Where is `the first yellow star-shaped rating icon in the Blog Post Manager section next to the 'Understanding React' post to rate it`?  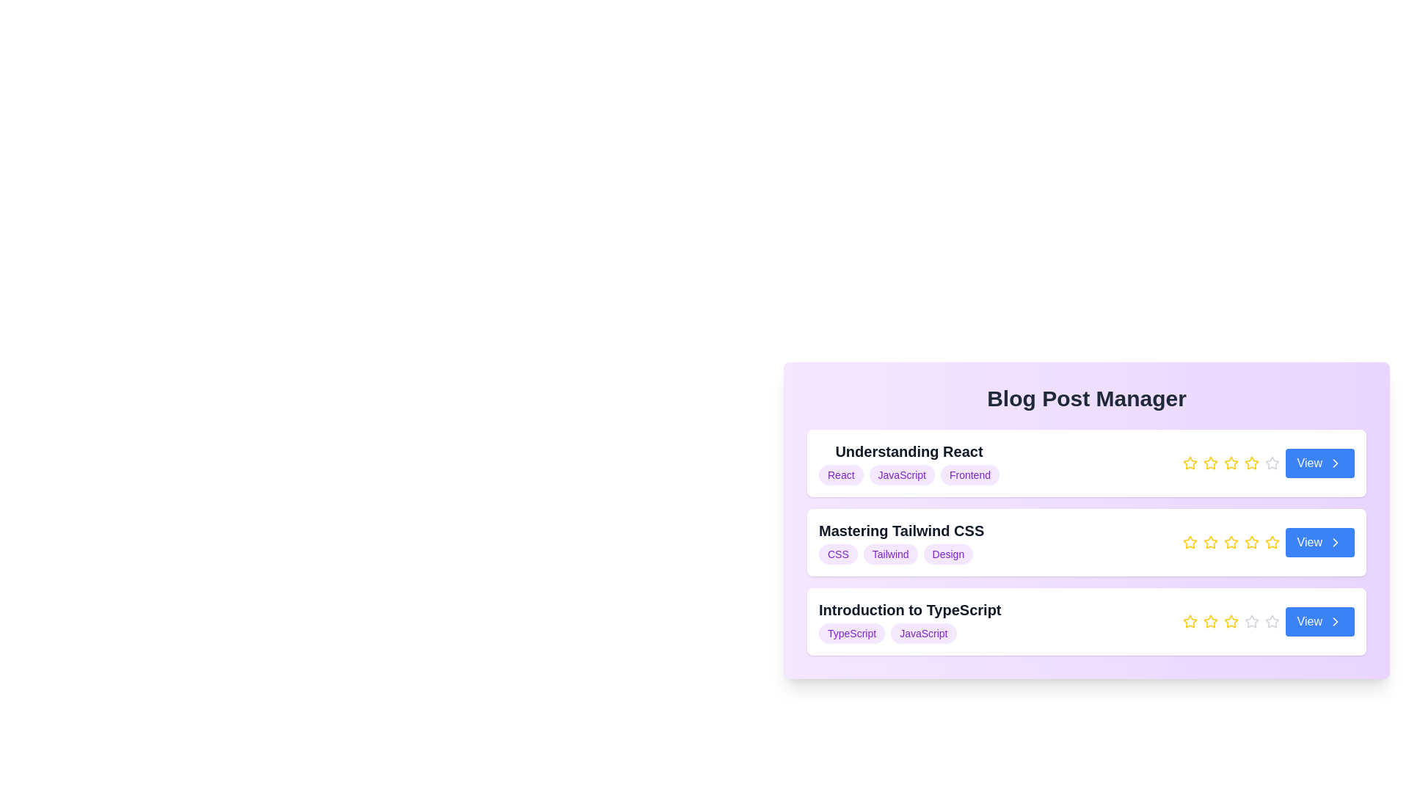 the first yellow star-shaped rating icon in the Blog Post Manager section next to the 'Understanding React' post to rate it is located at coordinates (1190, 463).